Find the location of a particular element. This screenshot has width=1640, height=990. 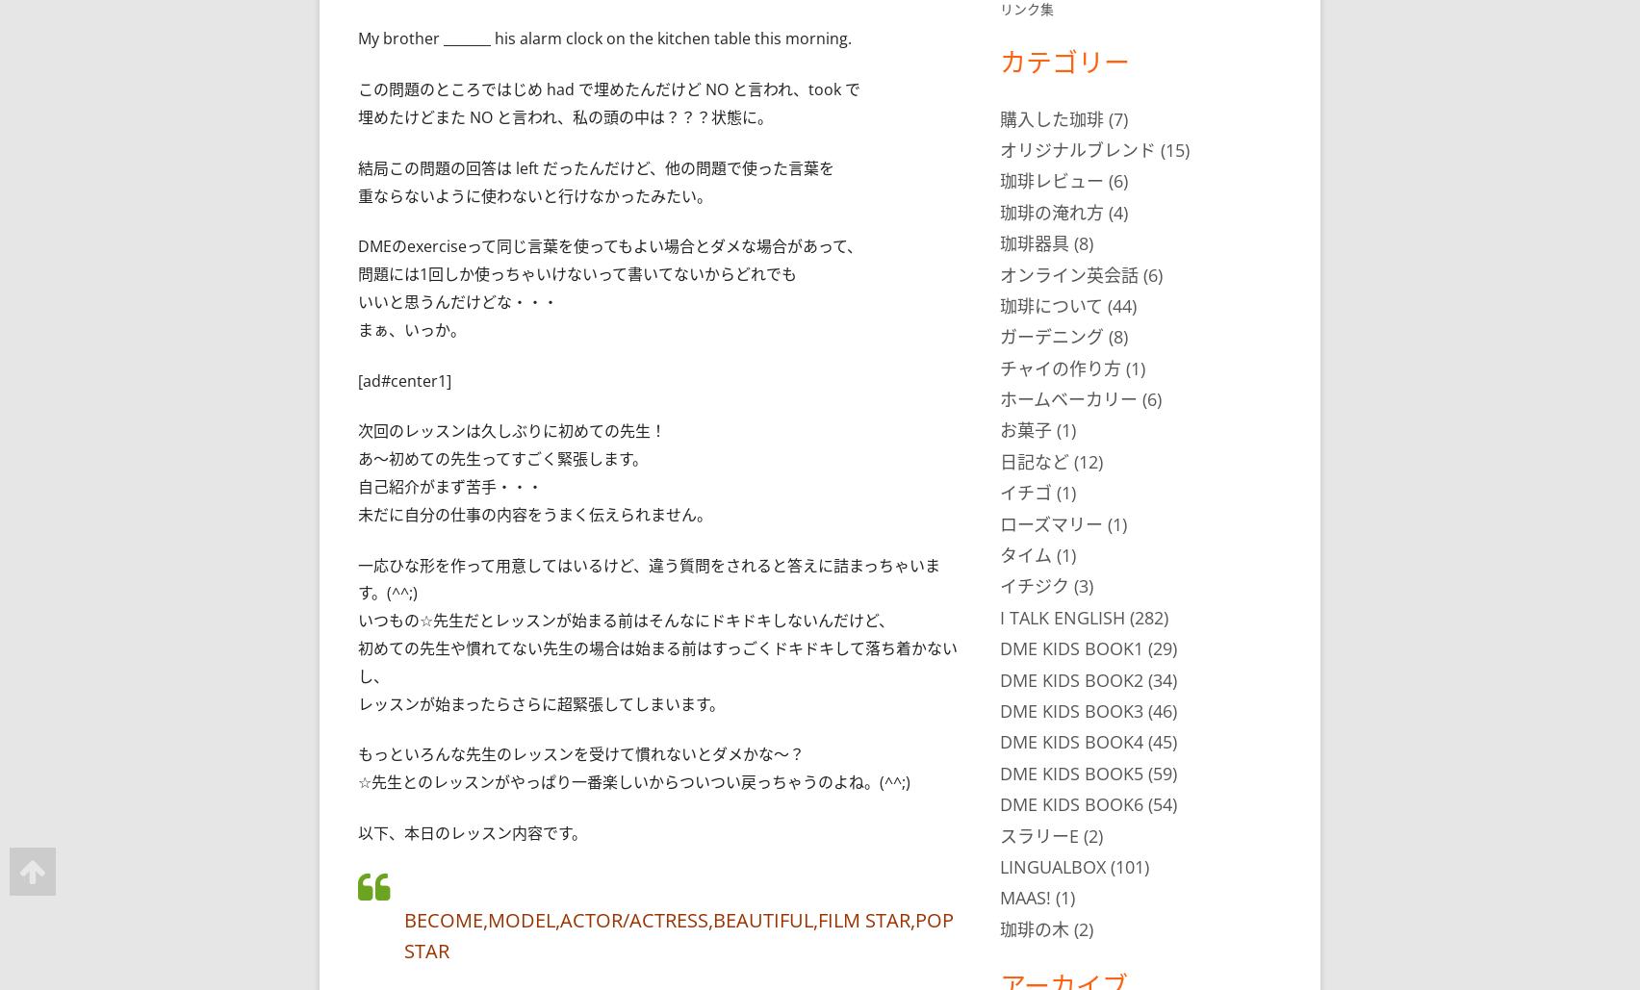

'(46)' is located at coordinates (1159, 709).